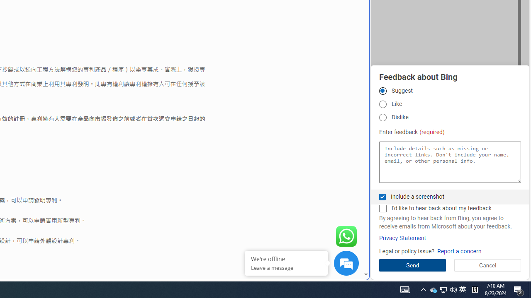 This screenshot has width=531, height=298. Describe the element at coordinates (382, 103) in the screenshot. I see `'Like'` at that location.